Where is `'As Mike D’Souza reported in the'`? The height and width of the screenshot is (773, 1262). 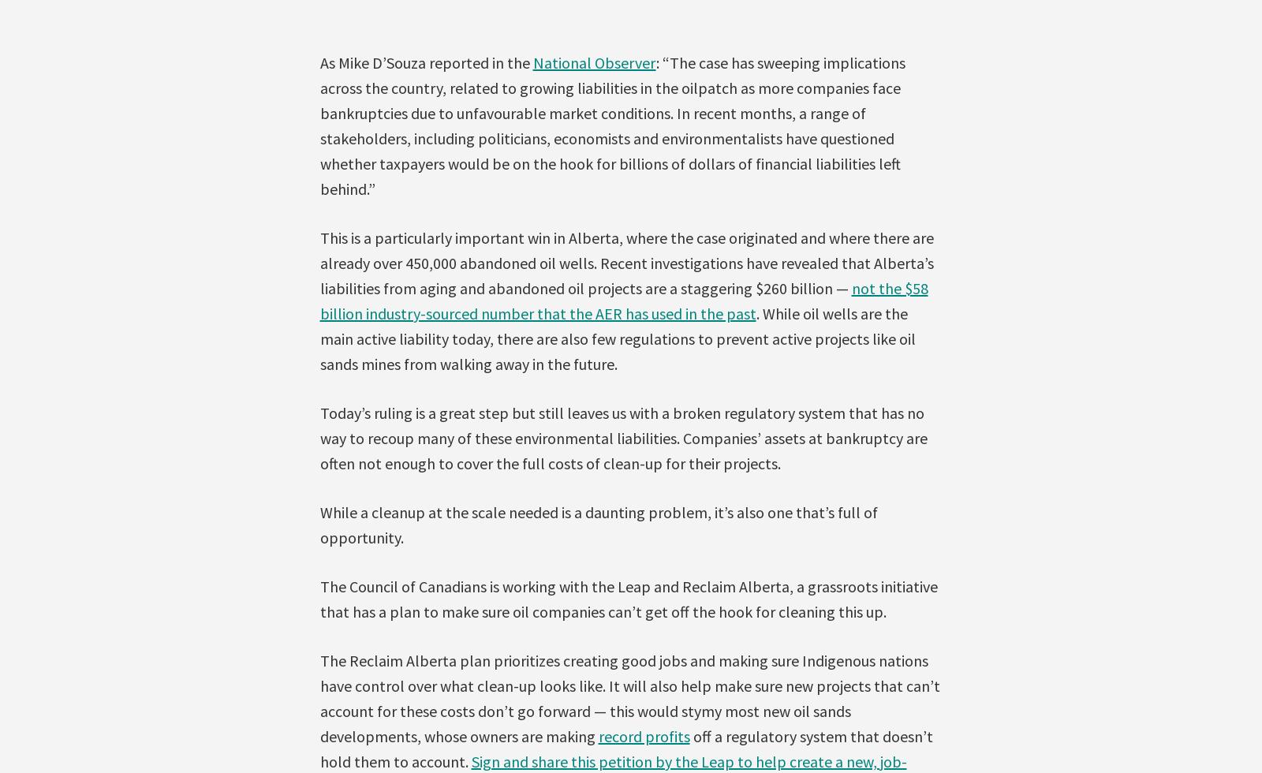 'As Mike D’Souza reported in the' is located at coordinates (425, 62).